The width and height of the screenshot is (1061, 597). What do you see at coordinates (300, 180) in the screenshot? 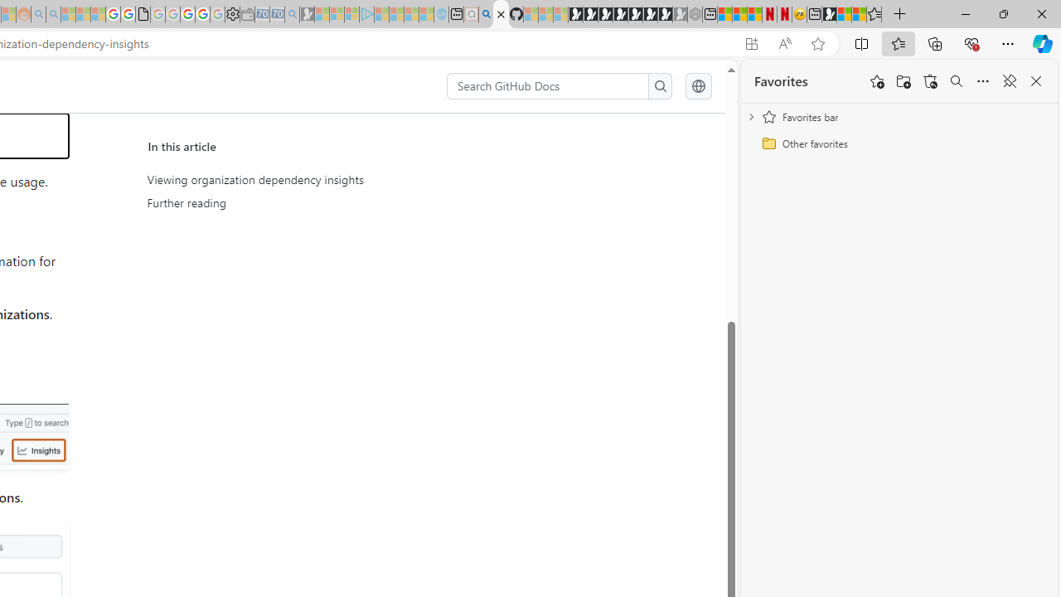
I see `'Viewing organization dependency insights'` at bounding box center [300, 180].